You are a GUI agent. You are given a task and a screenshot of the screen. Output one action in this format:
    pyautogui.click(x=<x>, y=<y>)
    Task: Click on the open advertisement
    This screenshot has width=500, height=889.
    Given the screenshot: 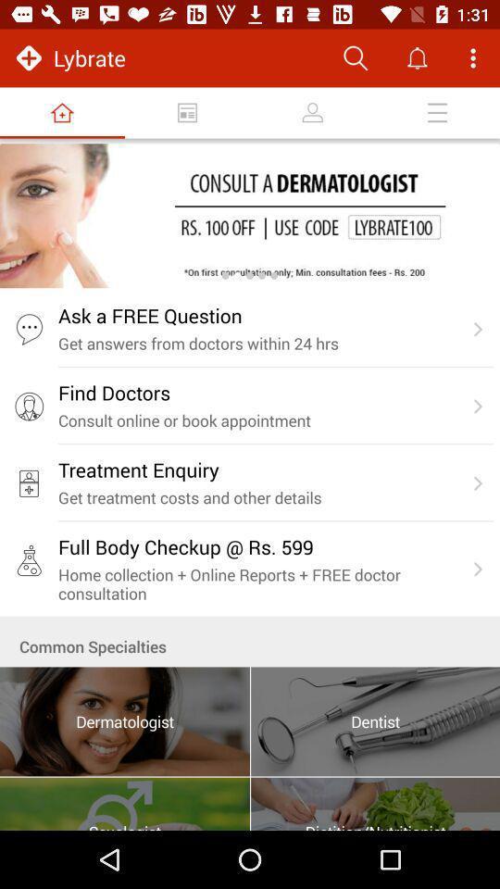 What is the action you would take?
    pyautogui.click(x=250, y=216)
    